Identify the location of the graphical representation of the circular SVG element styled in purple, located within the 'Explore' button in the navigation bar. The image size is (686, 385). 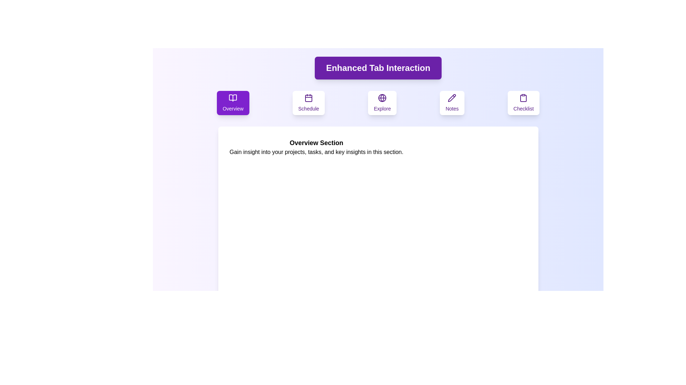
(382, 98).